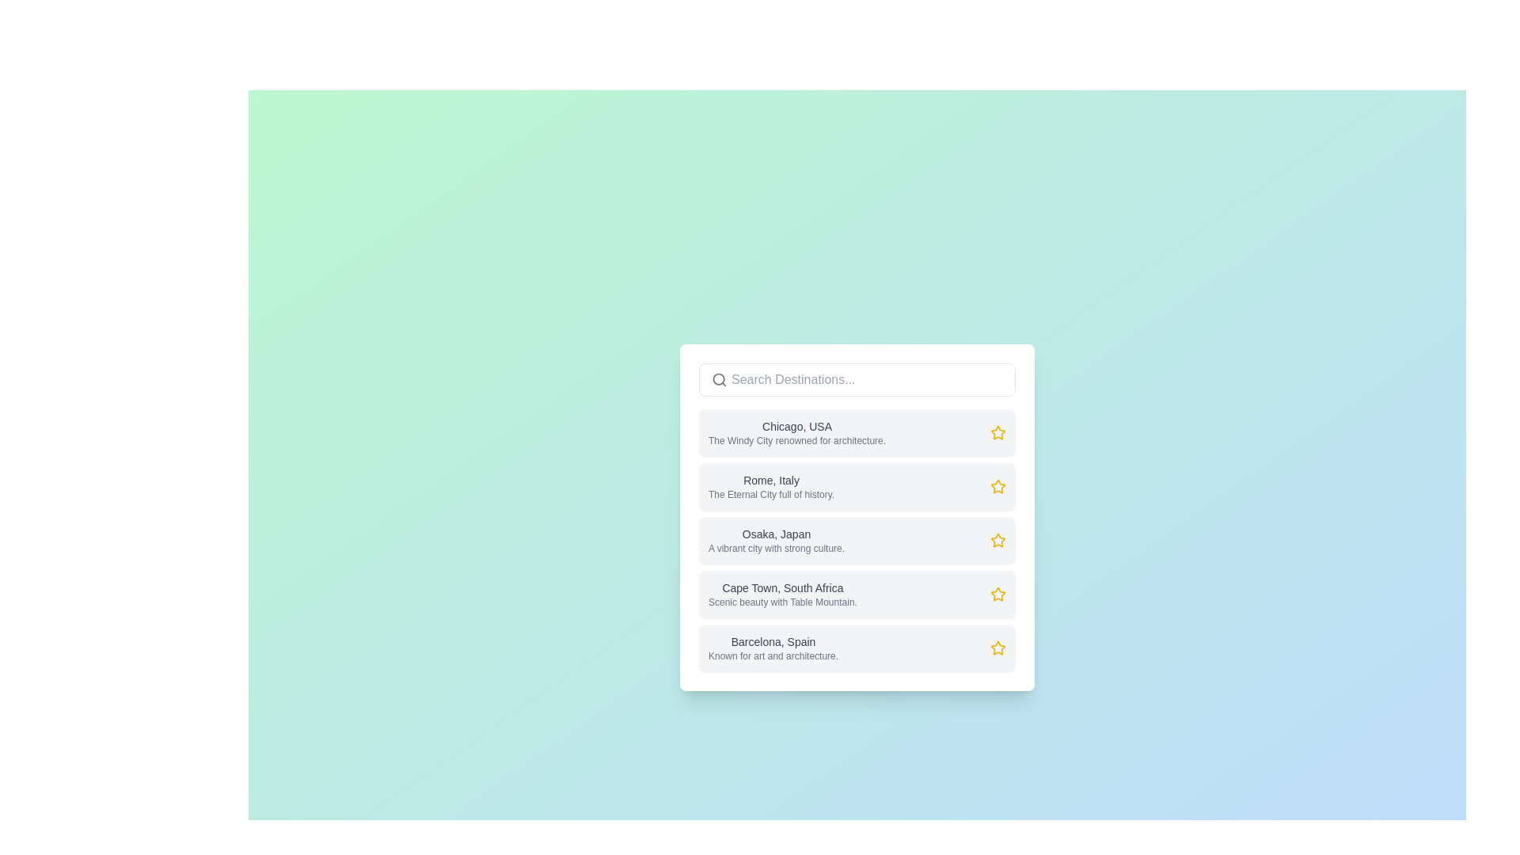 The width and height of the screenshot is (1520, 855). What do you see at coordinates (997, 433) in the screenshot?
I see `the gold outlined star icon located on the right side of the list item titled 'Chicago, USA' to favorite the destination` at bounding box center [997, 433].